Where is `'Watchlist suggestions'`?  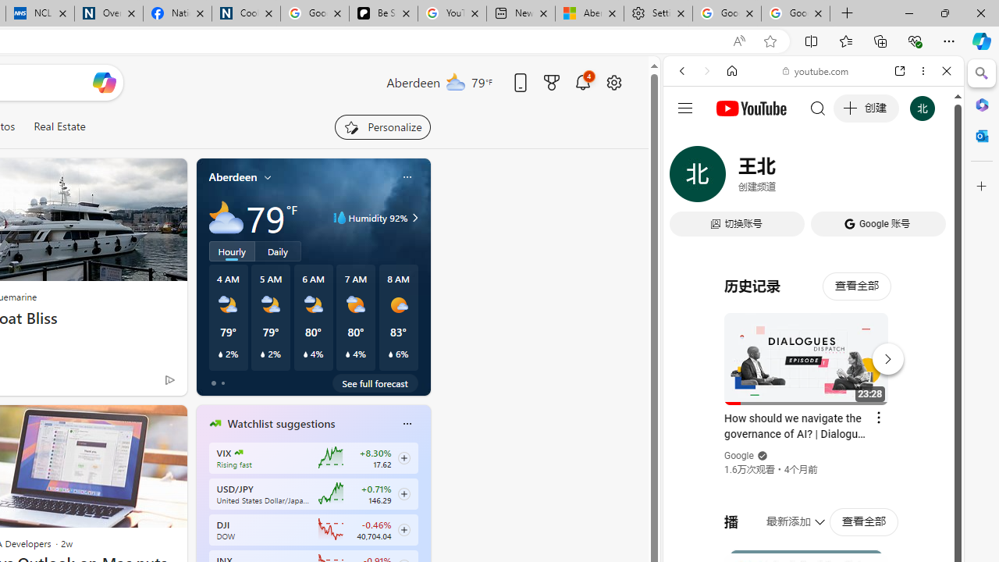
'Watchlist suggestions' is located at coordinates (281, 424).